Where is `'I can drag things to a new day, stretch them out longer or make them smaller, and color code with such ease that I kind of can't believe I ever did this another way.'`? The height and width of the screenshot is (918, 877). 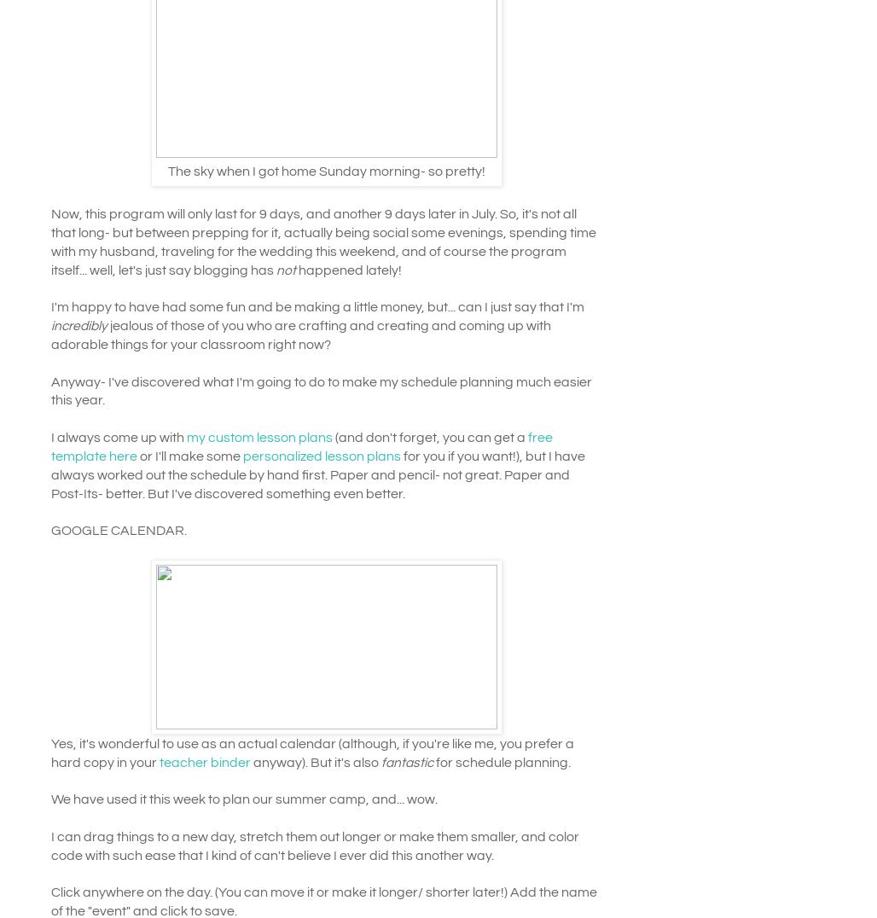 'I can drag things to a new day, stretch them out longer or make them smaller, and color code with such ease that I kind of can't believe I ever did this another way.' is located at coordinates (51, 844).